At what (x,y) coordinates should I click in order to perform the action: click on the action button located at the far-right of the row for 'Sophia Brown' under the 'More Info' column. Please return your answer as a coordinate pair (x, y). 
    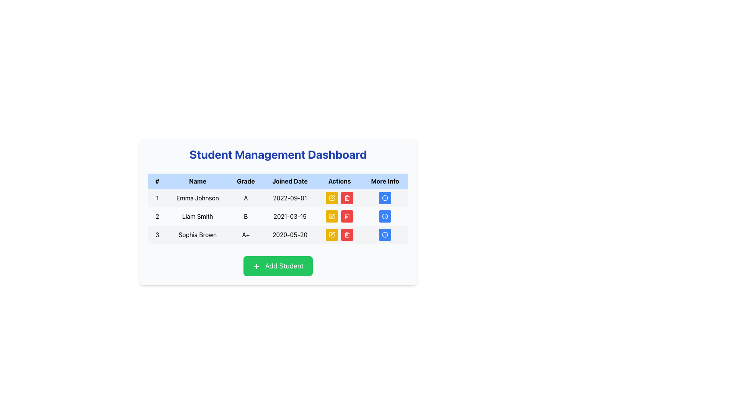
    Looking at the image, I should click on (385, 234).